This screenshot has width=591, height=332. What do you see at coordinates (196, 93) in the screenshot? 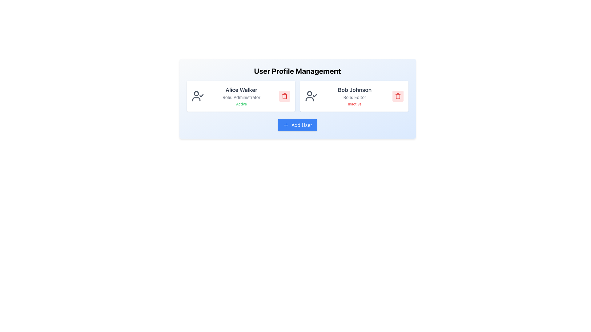
I see `the SVG circle representing the user's head in the user profile management section for 'Alice Walker, Role: Administrator'` at bounding box center [196, 93].